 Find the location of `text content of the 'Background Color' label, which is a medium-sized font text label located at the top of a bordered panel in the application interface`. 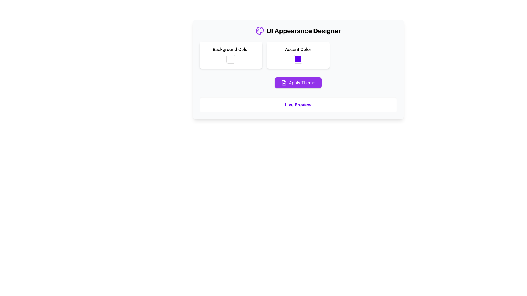

text content of the 'Background Color' label, which is a medium-sized font text label located at the top of a bordered panel in the application interface is located at coordinates (231, 49).